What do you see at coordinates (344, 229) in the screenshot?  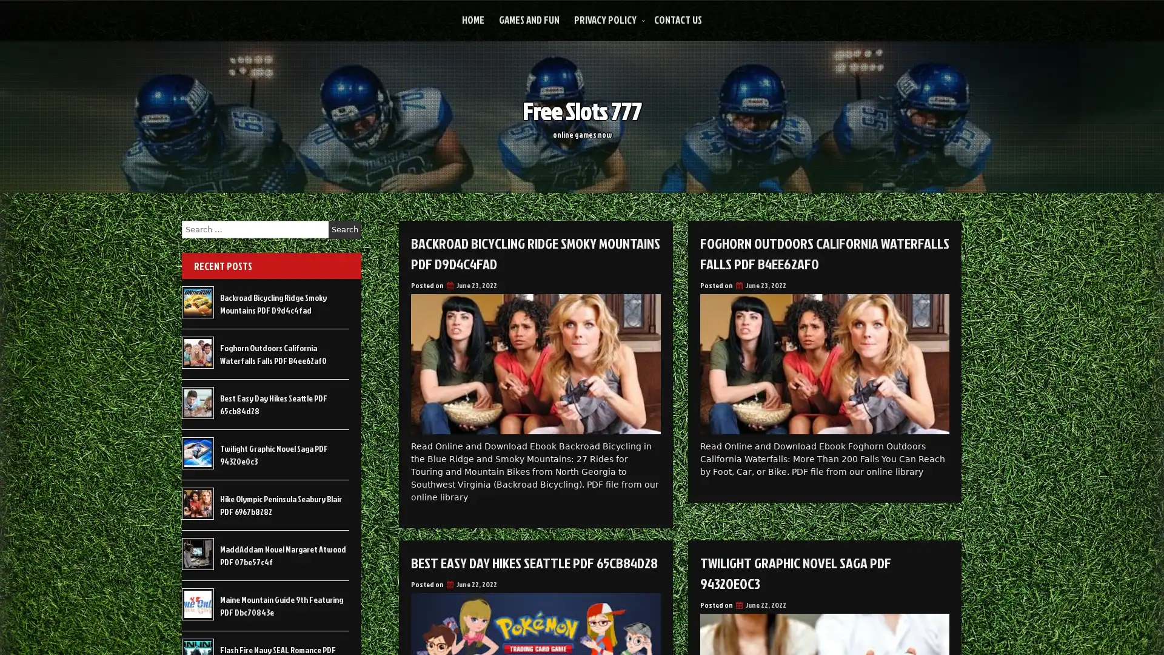 I see `Search` at bounding box center [344, 229].